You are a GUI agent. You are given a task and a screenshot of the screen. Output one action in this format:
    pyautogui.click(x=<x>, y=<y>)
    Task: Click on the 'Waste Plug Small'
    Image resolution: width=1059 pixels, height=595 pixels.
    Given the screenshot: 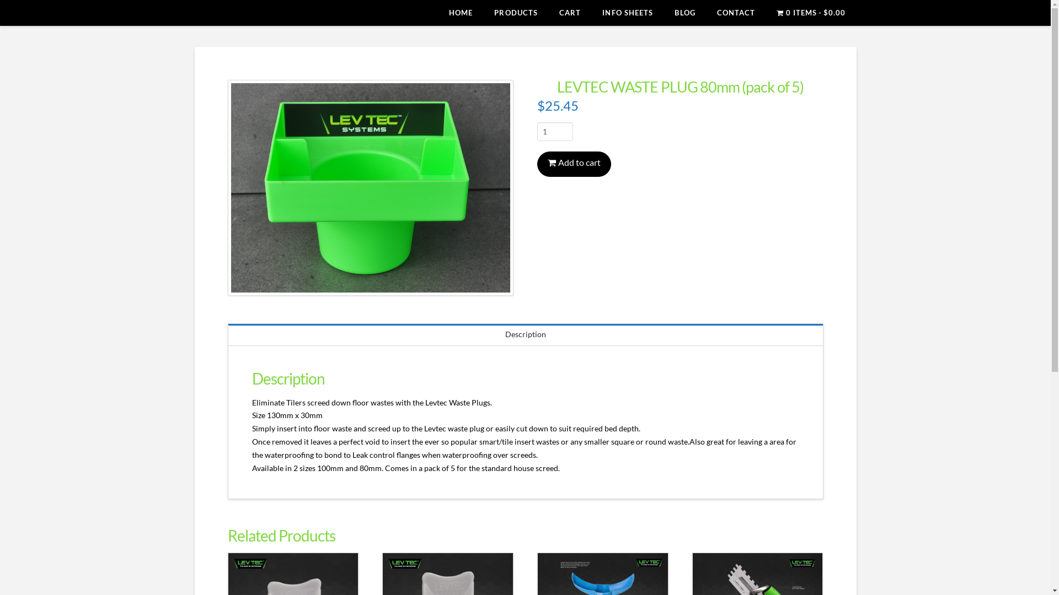 What is the action you would take?
    pyautogui.click(x=370, y=187)
    